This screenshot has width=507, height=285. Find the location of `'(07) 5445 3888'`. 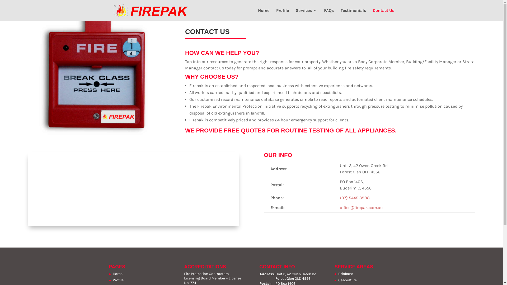

'(07) 5445 3888' is located at coordinates (340, 198).